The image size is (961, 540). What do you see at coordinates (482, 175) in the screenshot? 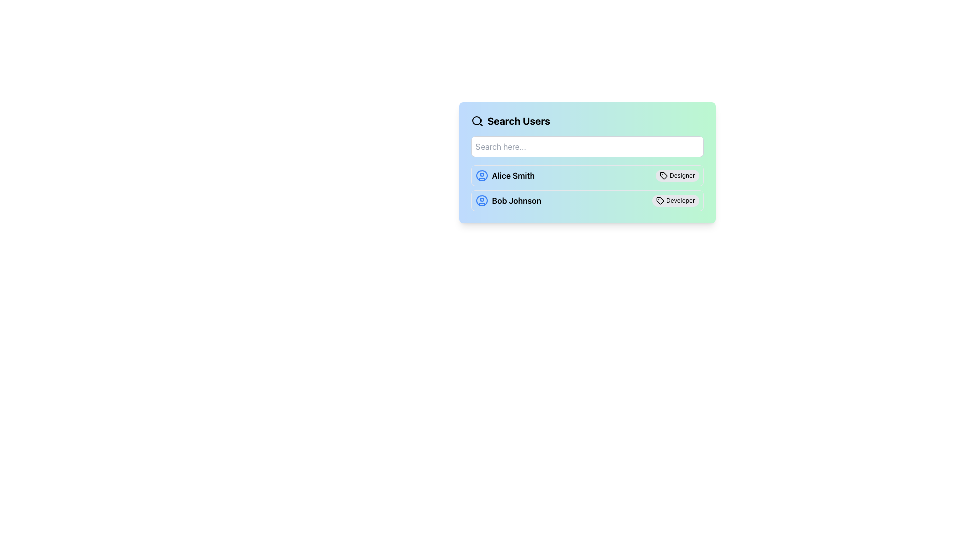
I see `the outer boundary of the user profile icon, which visually represents the larger outer circle enclosing the components of the icon adjacent to 'Alice Smith'` at bounding box center [482, 175].